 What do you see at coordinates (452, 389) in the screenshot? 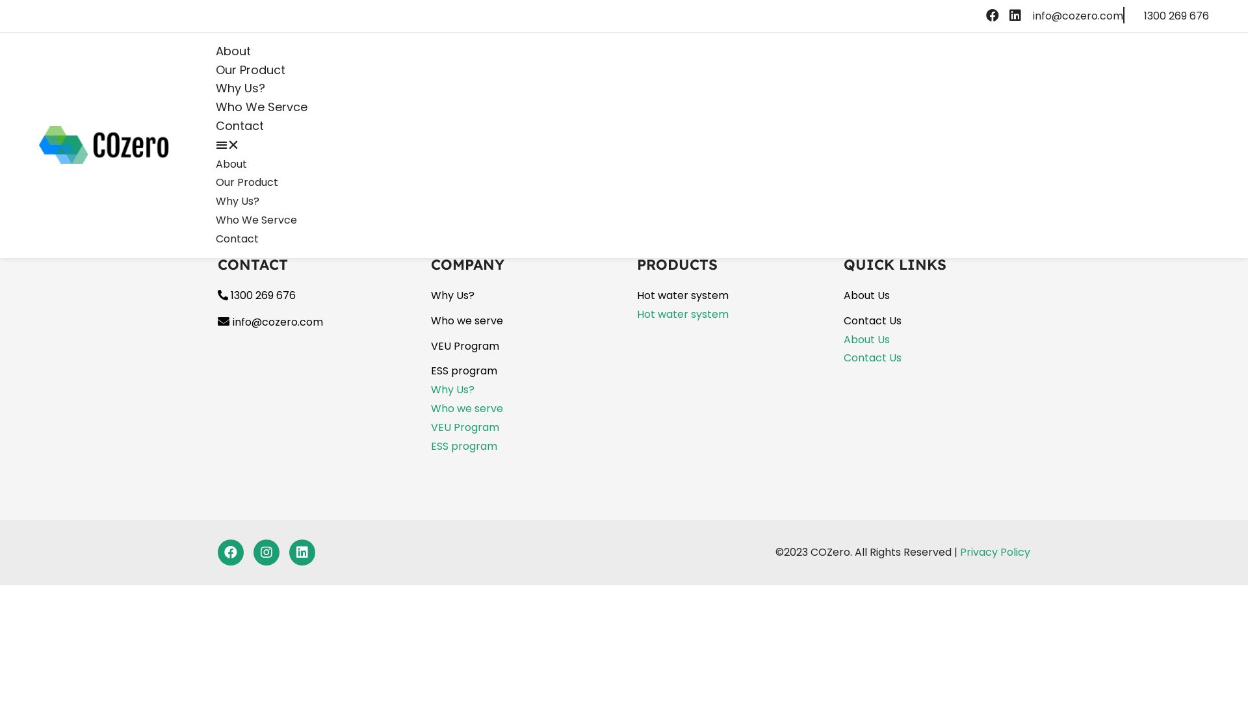
I see `'Why Us?'` at bounding box center [452, 389].